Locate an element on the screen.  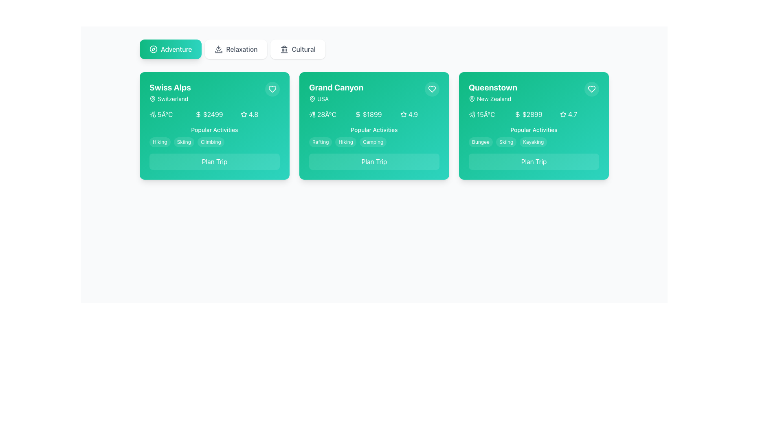
the rating represented by the star icon located next to the numeric value '4.9' in the Grand Canyon card is located at coordinates (403, 114).